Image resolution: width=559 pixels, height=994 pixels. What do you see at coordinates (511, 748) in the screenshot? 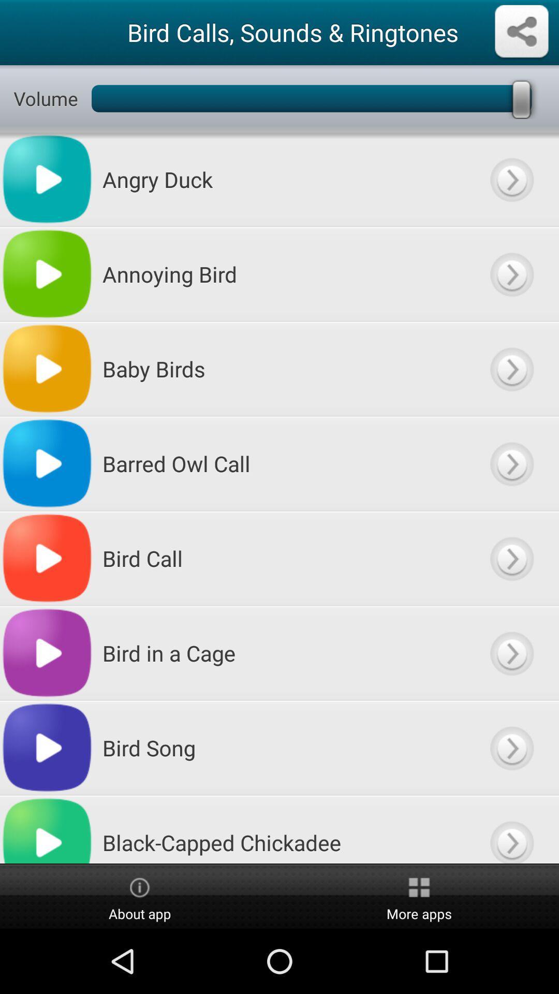
I see `go next` at bounding box center [511, 748].